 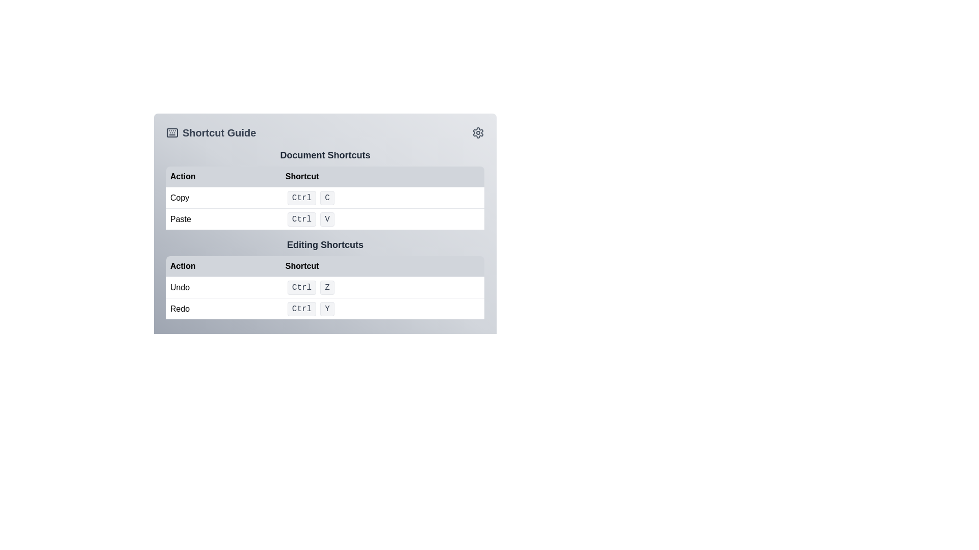 I want to click on keyboard shortcuts listed in the Text section with tabular layout, which is located below the 'Document Shortcuts' section, so click(x=325, y=279).